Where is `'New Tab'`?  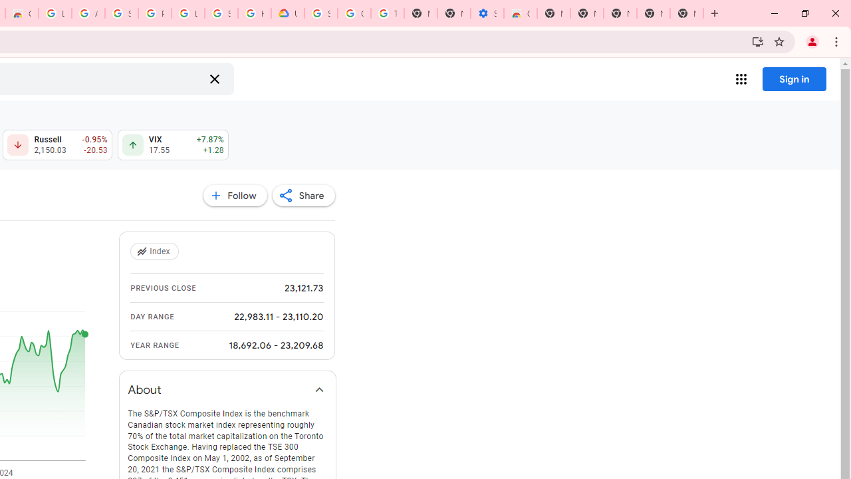 'New Tab' is located at coordinates (686, 13).